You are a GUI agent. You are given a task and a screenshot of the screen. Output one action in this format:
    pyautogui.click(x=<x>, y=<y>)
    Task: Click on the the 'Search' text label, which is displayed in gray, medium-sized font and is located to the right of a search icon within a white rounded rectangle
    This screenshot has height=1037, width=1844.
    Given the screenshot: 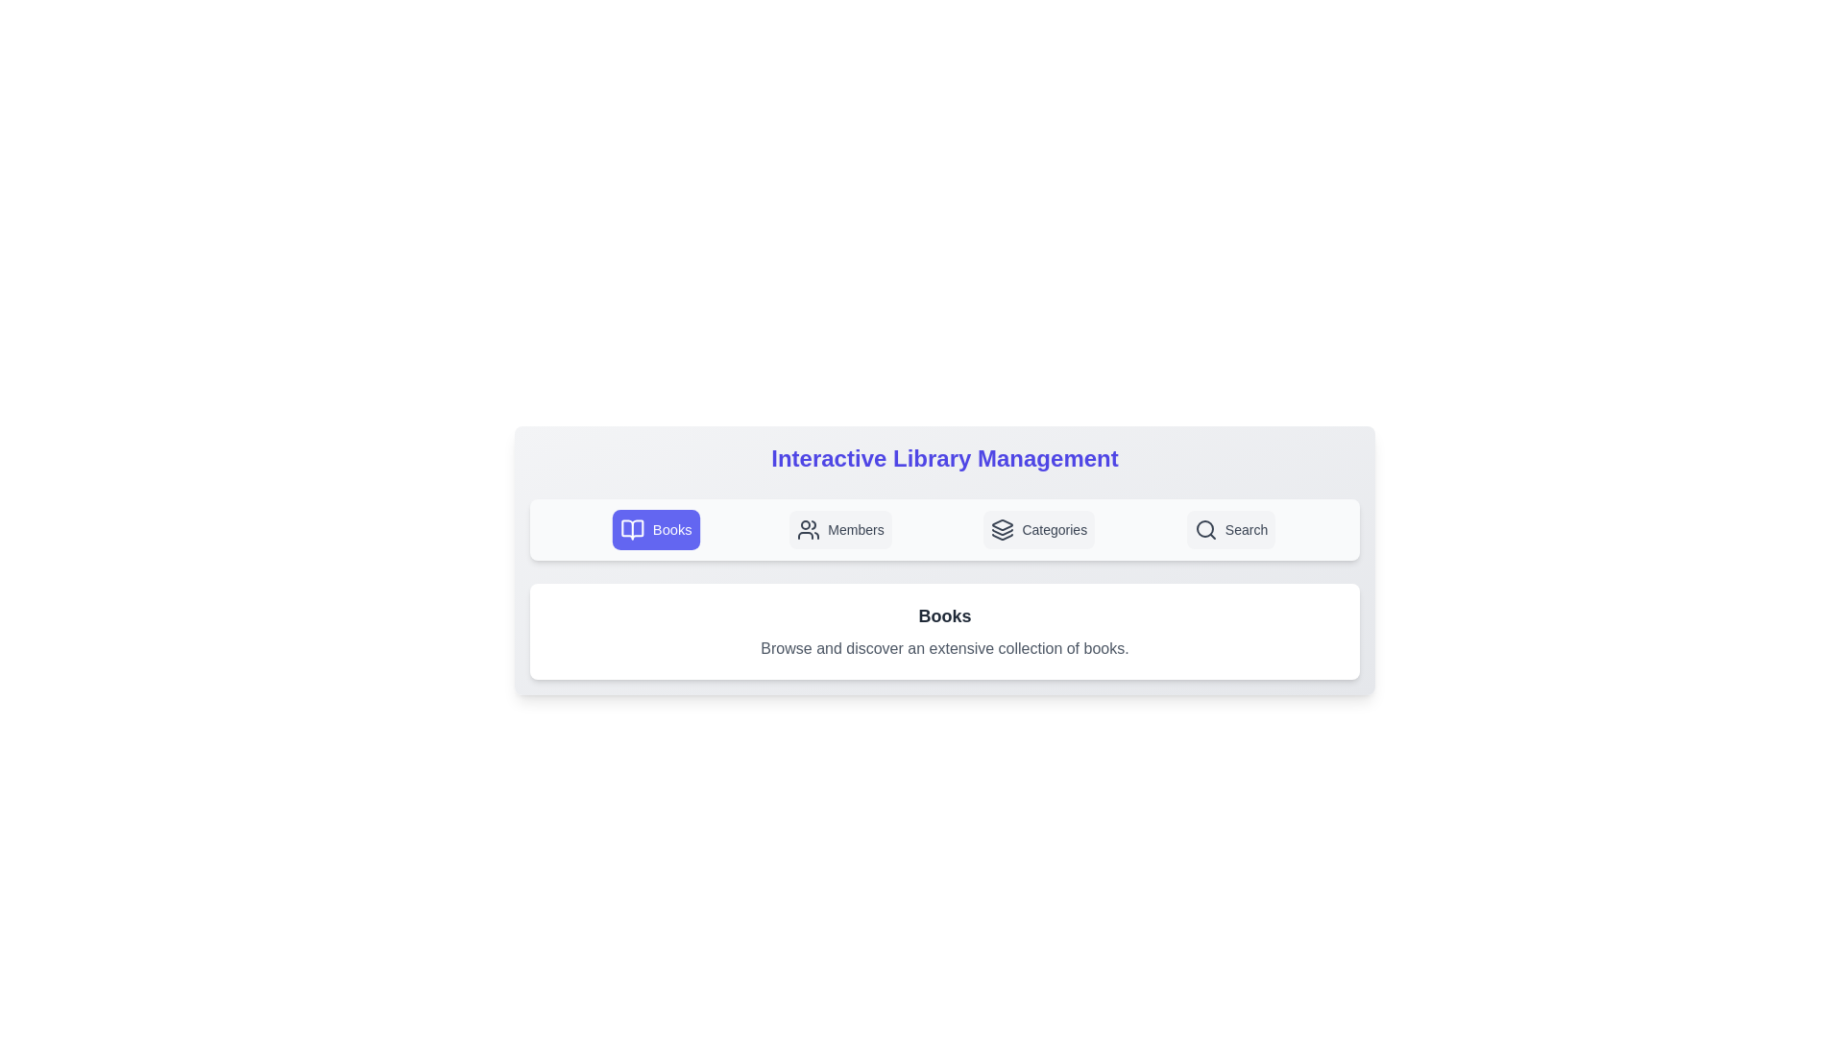 What is the action you would take?
    pyautogui.click(x=1247, y=529)
    